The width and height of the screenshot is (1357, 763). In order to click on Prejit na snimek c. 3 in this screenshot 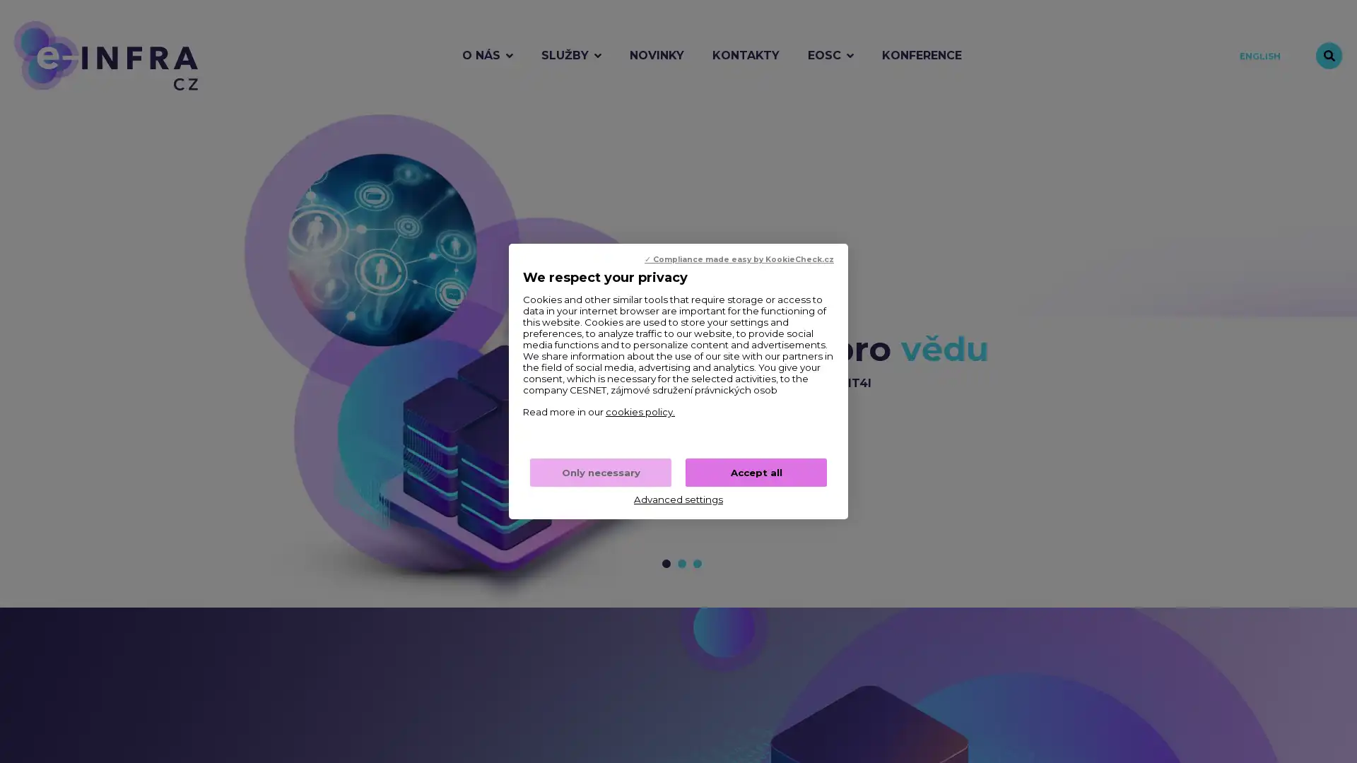, I will do `click(698, 563)`.